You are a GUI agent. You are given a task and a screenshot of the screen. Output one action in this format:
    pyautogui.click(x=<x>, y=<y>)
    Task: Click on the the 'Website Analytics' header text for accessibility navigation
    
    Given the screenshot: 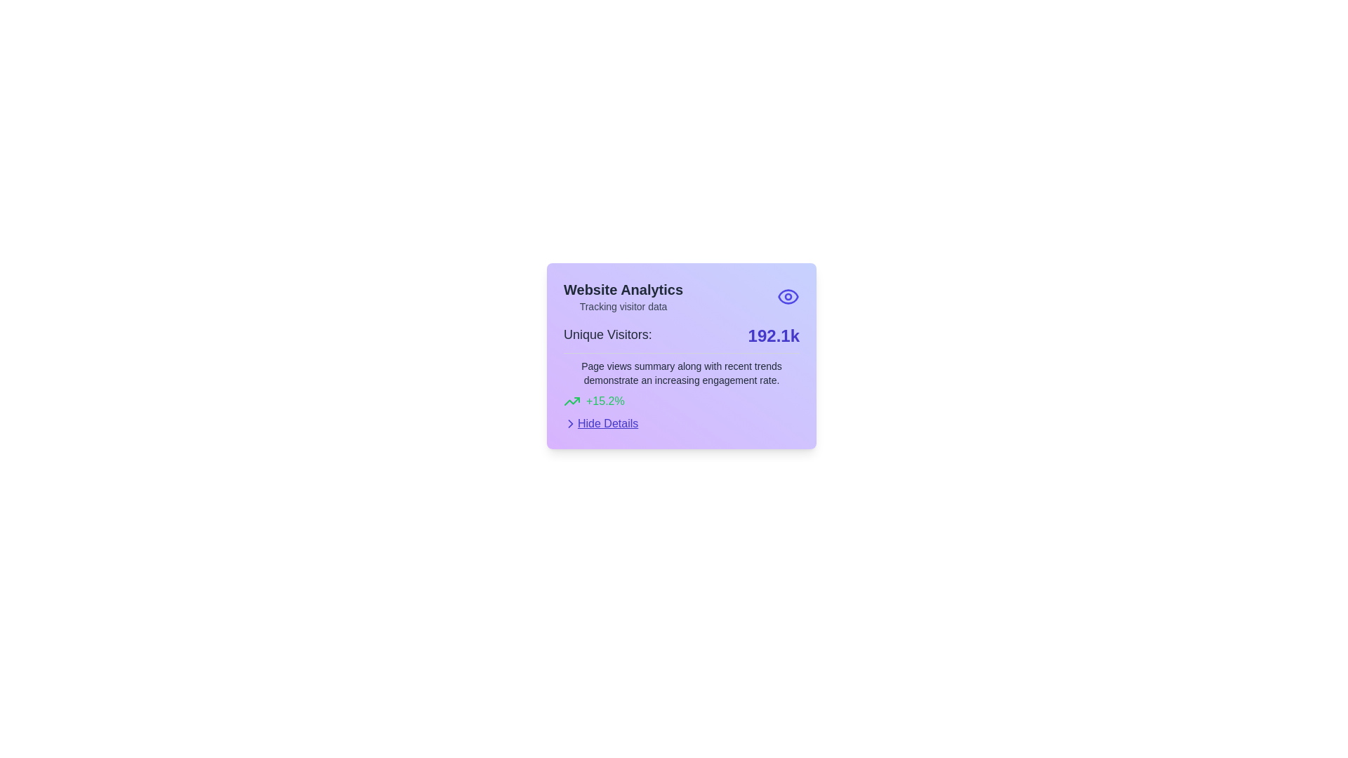 What is the action you would take?
    pyautogui.click(x=681, y=296)
    